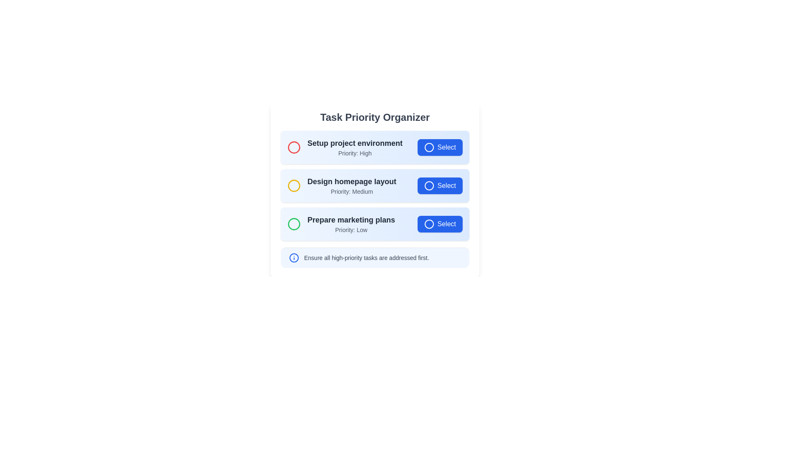  Describe the element at coordinates (351, 223) in the screenshot. I see `the textual label that displays 'Prepare marketing plans' with the priority 'Low', which is the third item in the 'Task Priority Organizer' interface` at that location.